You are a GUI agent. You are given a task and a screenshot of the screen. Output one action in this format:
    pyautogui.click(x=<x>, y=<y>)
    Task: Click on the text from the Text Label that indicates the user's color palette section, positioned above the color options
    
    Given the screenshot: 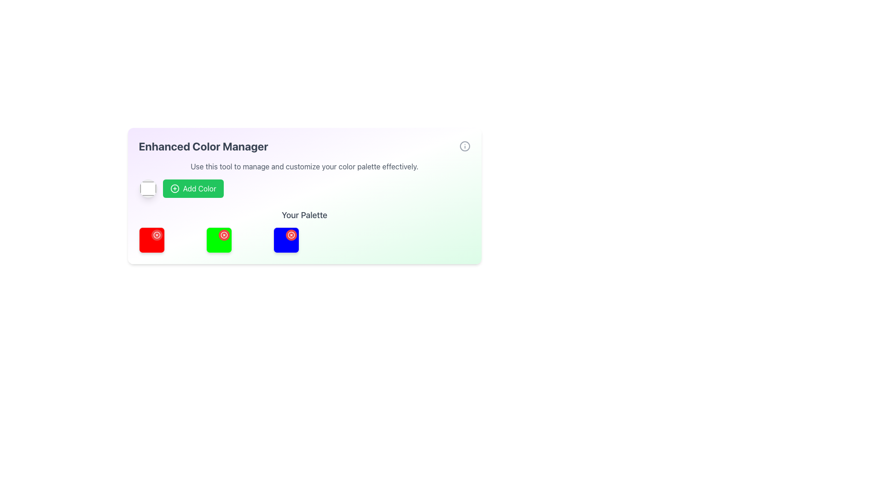 What is the action you would take?
    pyautogui.click(x=304, y=215)
    